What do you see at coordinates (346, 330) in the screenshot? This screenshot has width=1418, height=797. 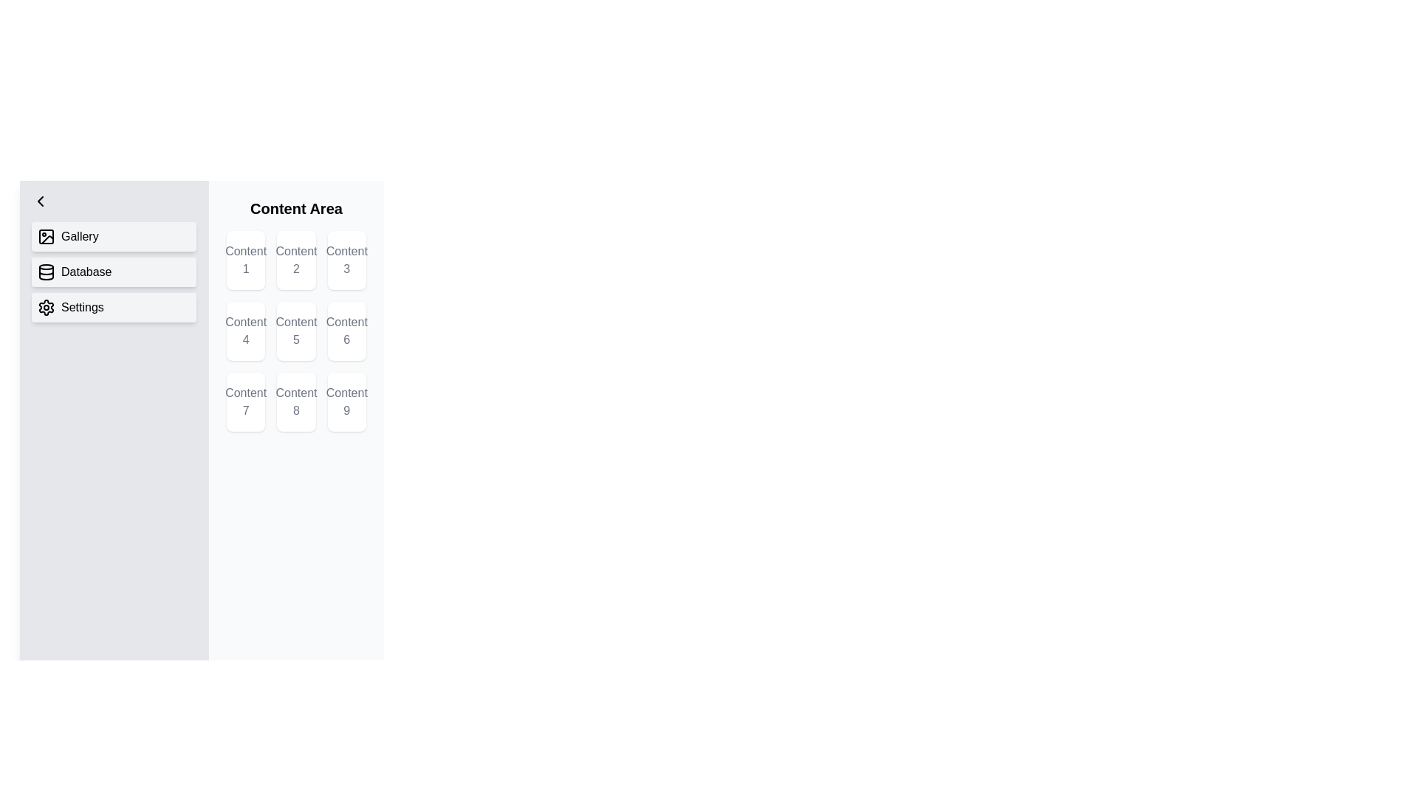 I see `the label or placeholder located in the third column of the second row in a three-column grid layout` at bounding box center [346, 330].